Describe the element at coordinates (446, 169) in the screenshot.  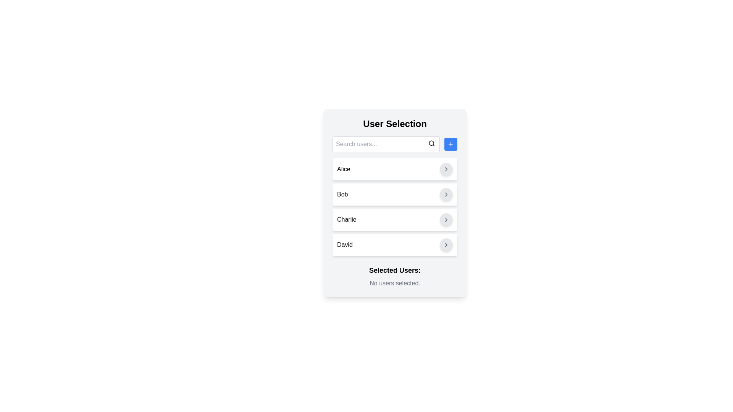
I see `the first chevron icon associated with the 'Alice' entry` at that location.